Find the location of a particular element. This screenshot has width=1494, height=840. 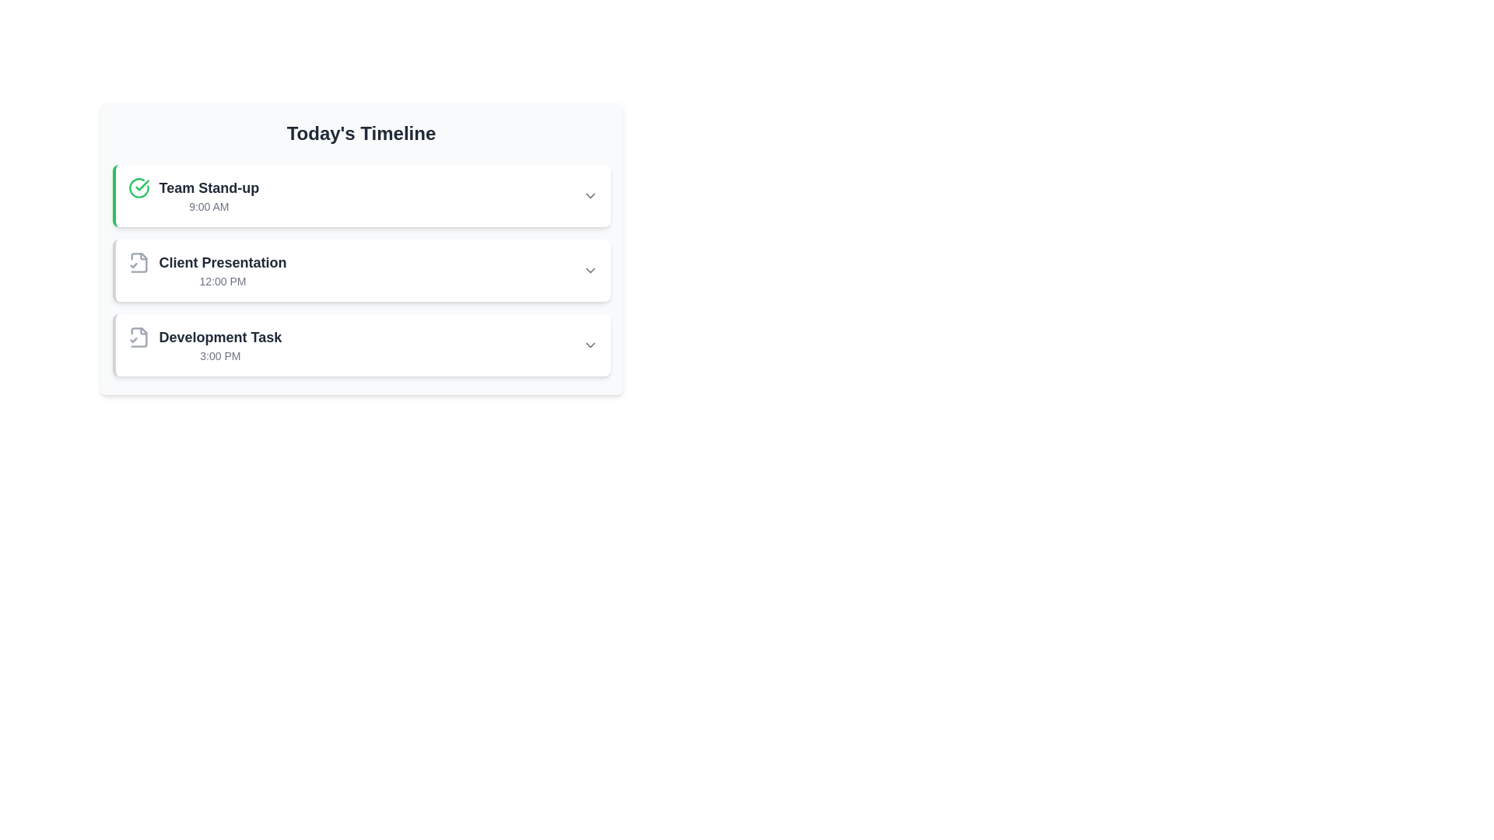

the text label representing the title of the second scheduled task in 'Today's Timeline' is located at coordinates (222, 262).